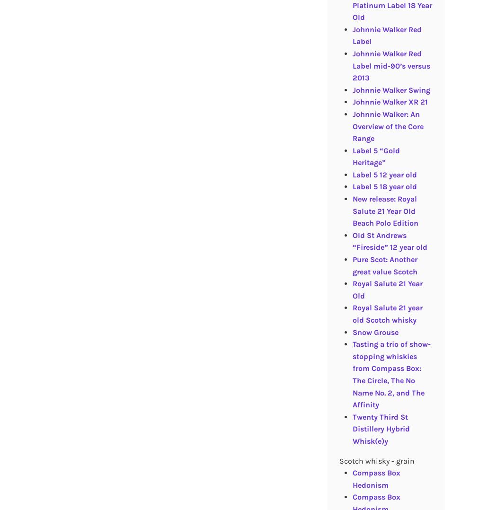 This screenshot has height=510, width=497. What do you see at coordinates (389, 102) in the screenshot?
I see `'Johnnie Walker XR 21'` at bounding box center [389, 102].